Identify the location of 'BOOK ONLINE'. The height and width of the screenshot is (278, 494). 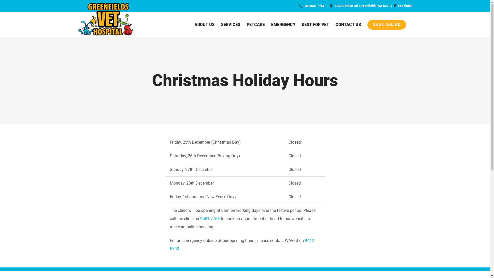
(367, 24).